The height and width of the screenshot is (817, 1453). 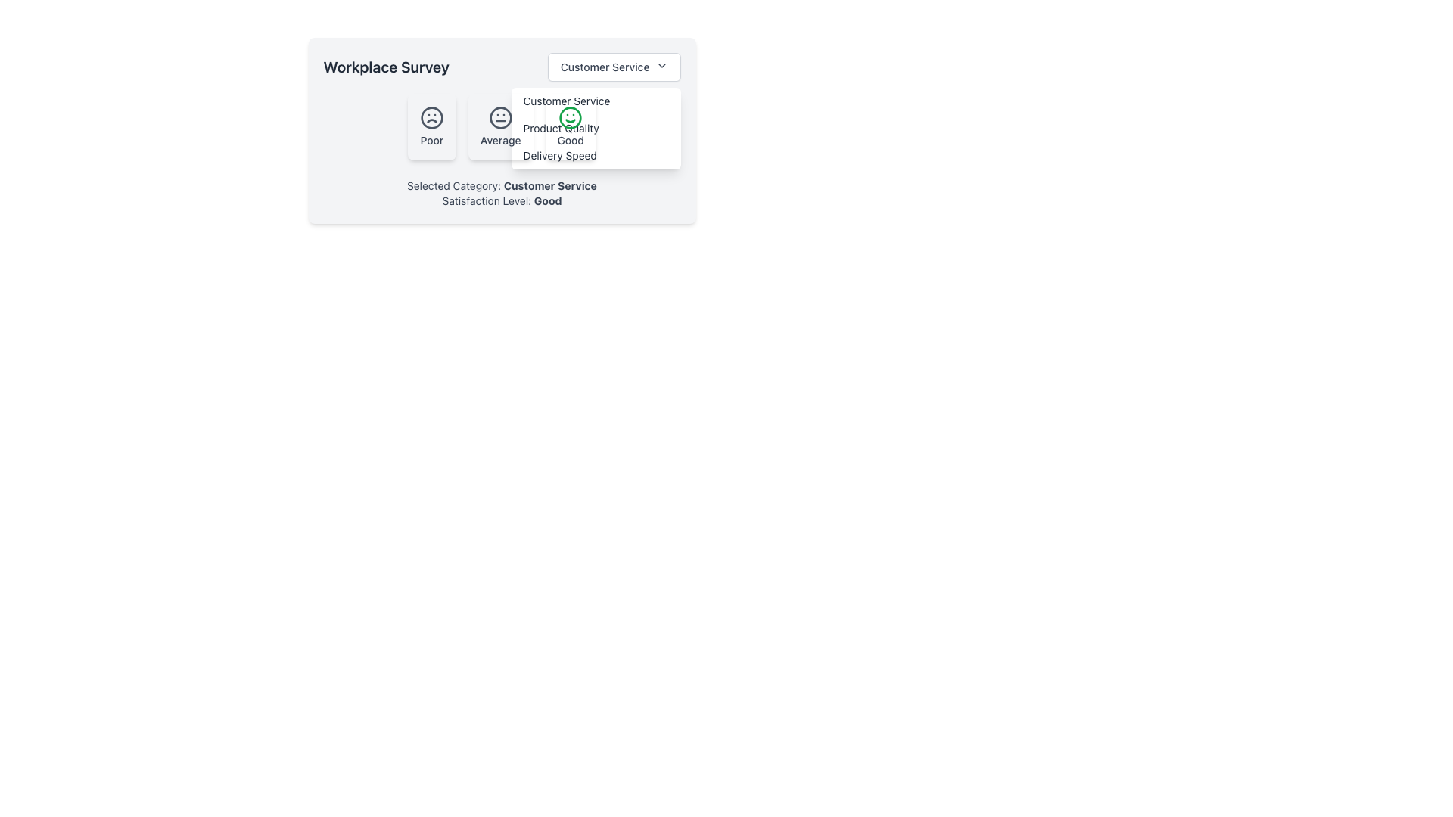 What do you see at coordinates (431, 126) in the screenshot?
I see `the 'Poor' rating button in the feedback form` at bounding box center [431, 126].